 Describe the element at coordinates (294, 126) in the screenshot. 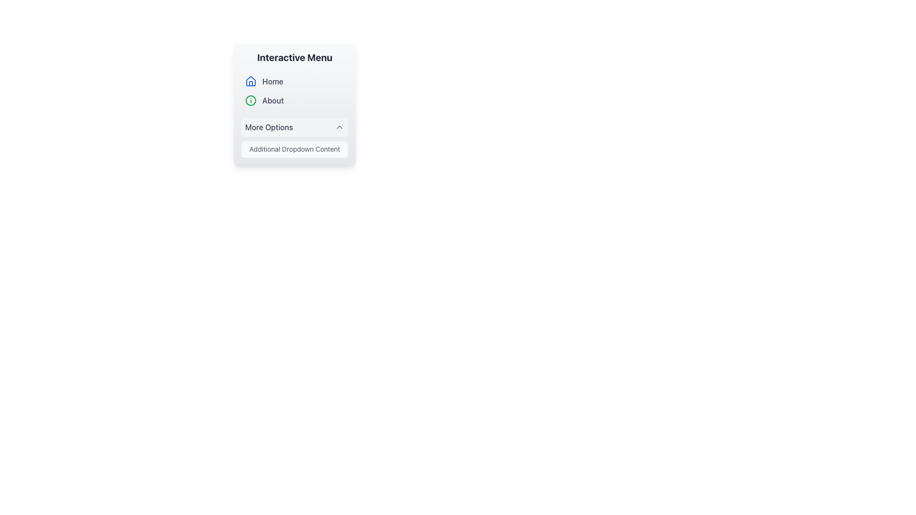

I see `the 'More Options' button, which is a horizontally aligned rectangular button with a light gray background and rounded corners` at that location.